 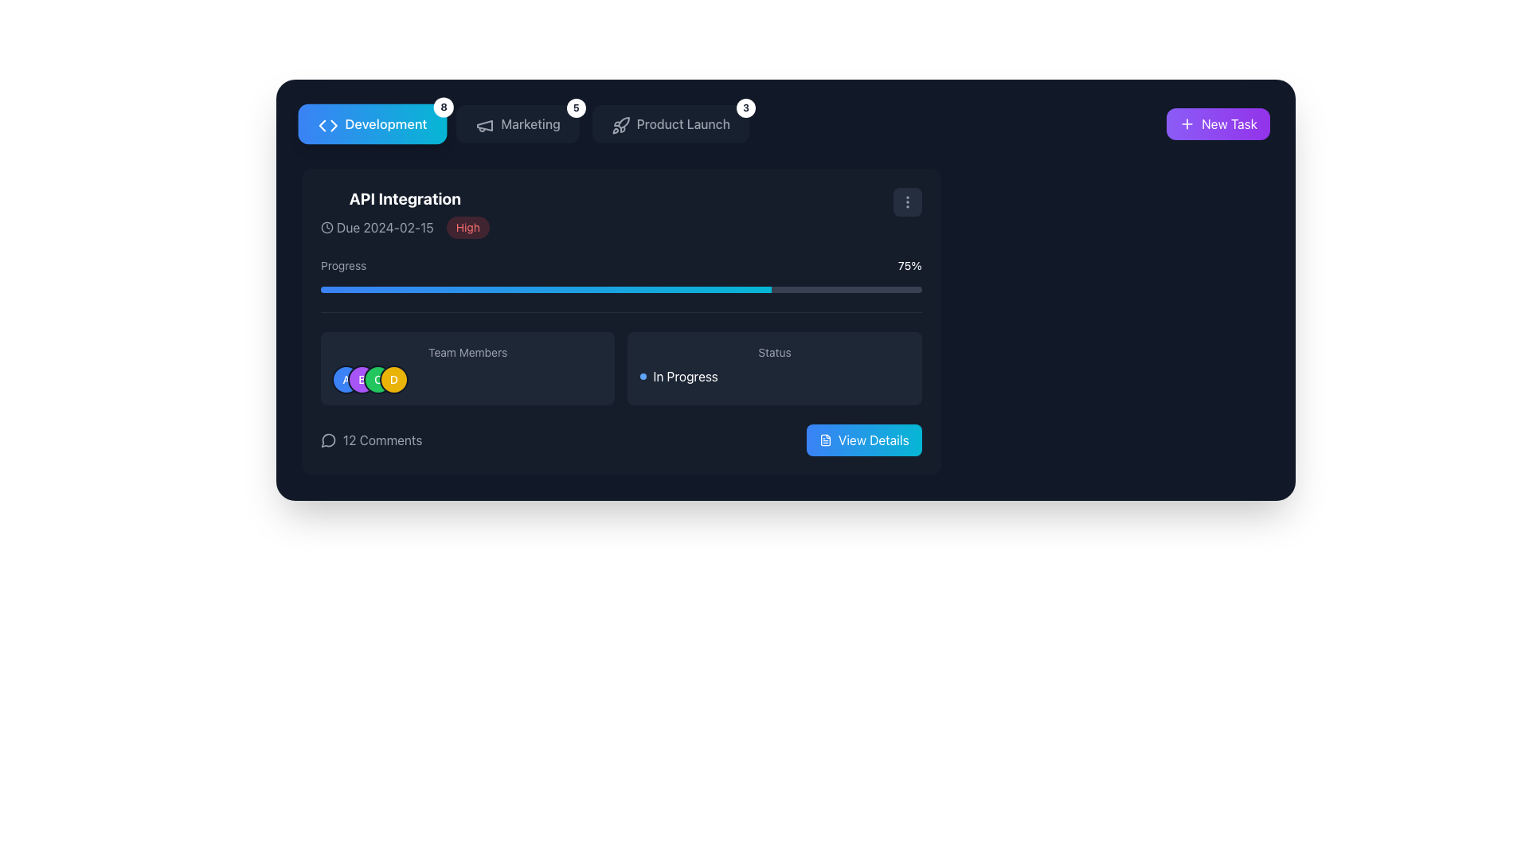 What do you see at coordinates (620, 289) in the screenshot?
I see `the completion status of the horizontal progress bar, which is filled approximately 75% with a gradient from blue to cyan, located below the 'Progress' label` at bounding box center [620, 289].